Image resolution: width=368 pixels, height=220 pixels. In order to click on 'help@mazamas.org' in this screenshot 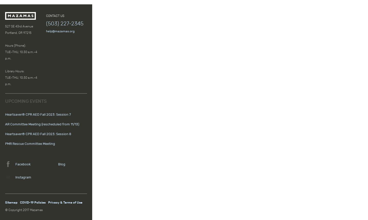, I will do `click(60, 31)`.